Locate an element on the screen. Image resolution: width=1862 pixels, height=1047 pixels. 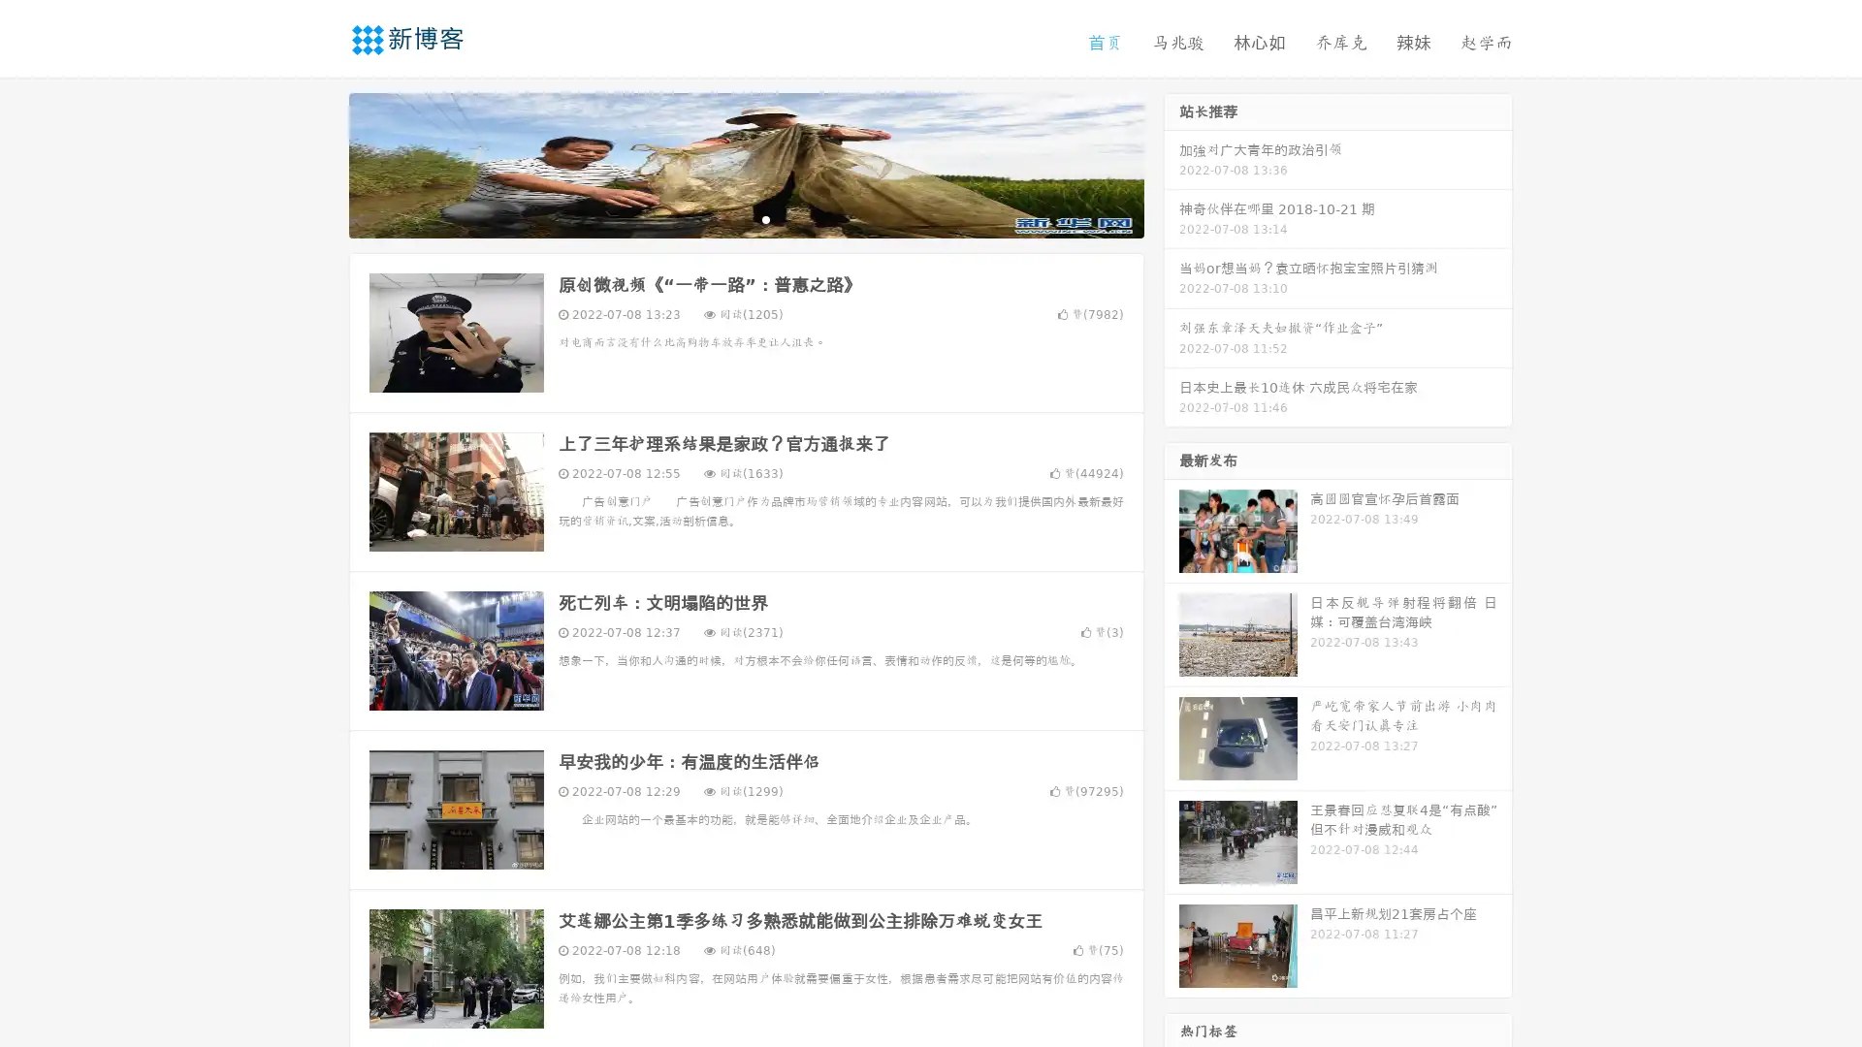
Go to slide 3 is located at coordinates (765, 218).